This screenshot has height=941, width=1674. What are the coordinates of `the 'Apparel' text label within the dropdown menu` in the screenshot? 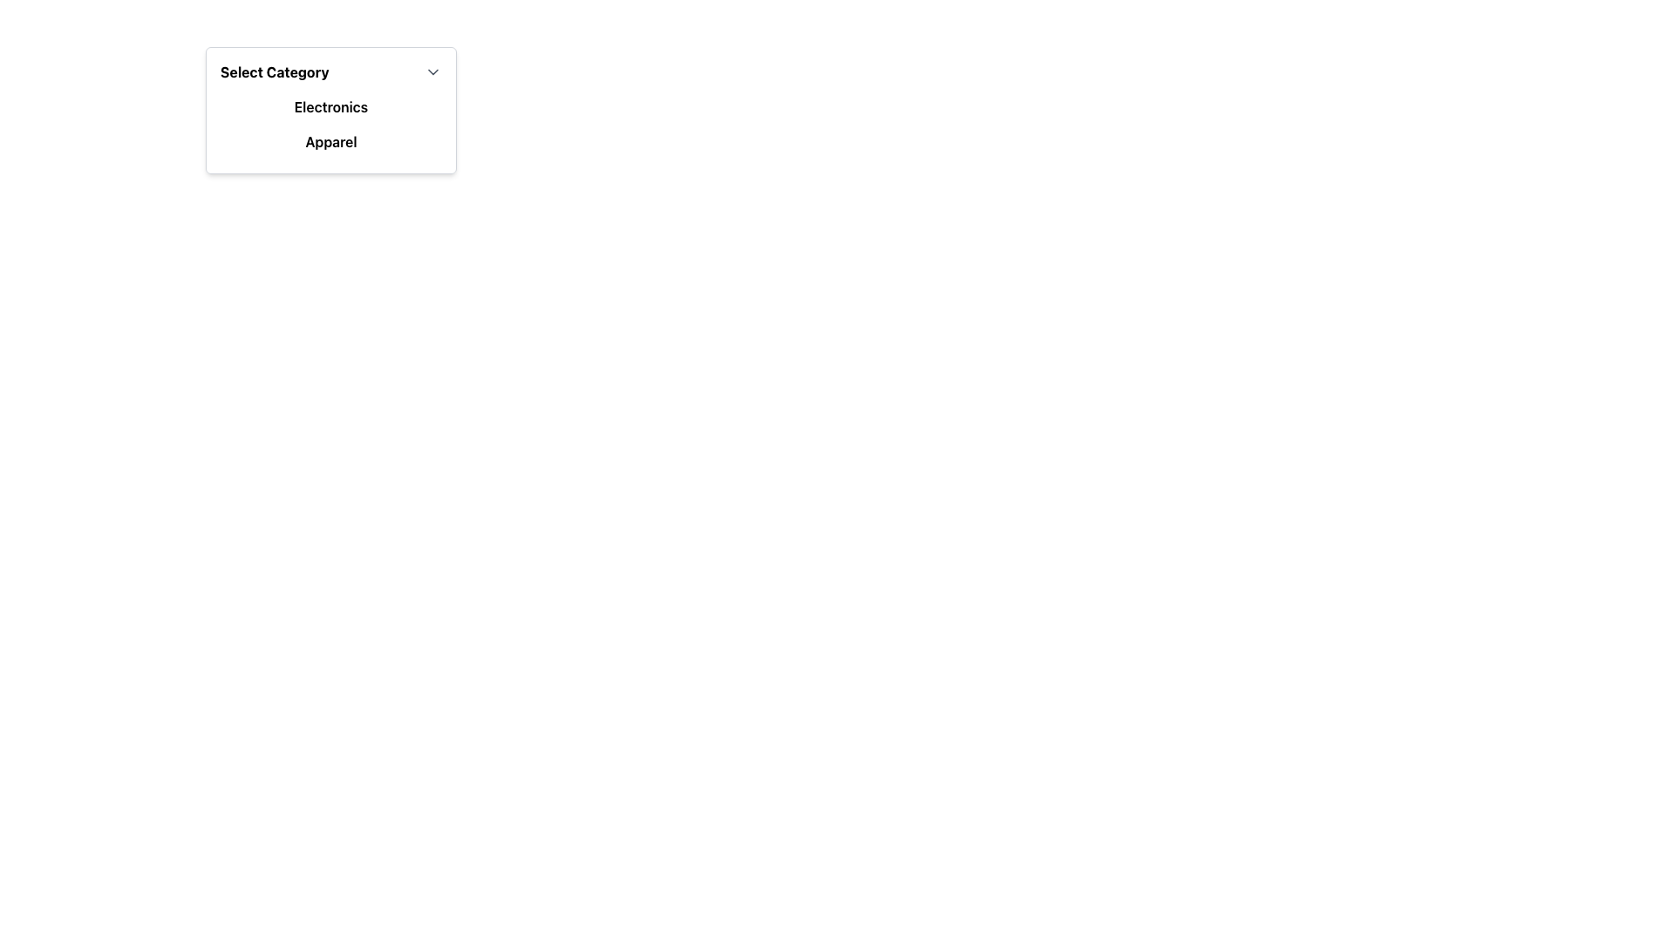 It's located at (330, 140).